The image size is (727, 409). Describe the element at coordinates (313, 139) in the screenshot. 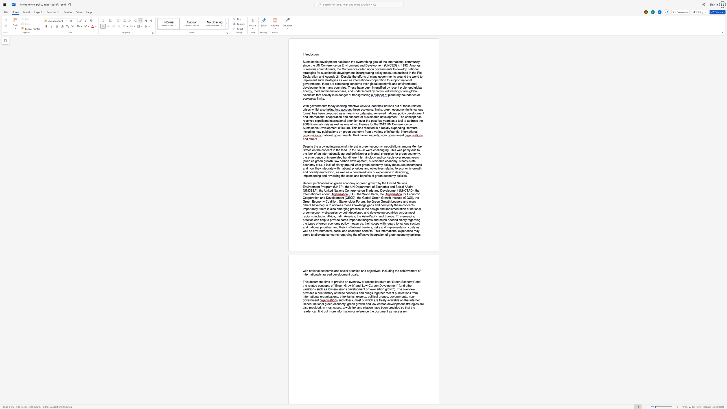

I see `the space between the continuous character "h" and "e" in the text` at that location.